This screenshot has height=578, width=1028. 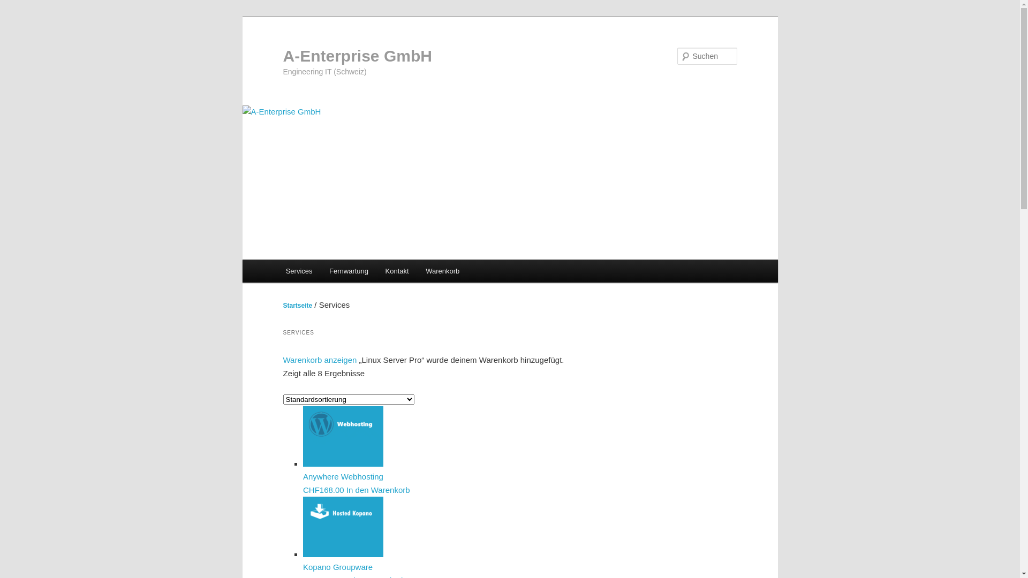 I want to click on 'Warenkorb anzeigen', so click(x=319, y=360).